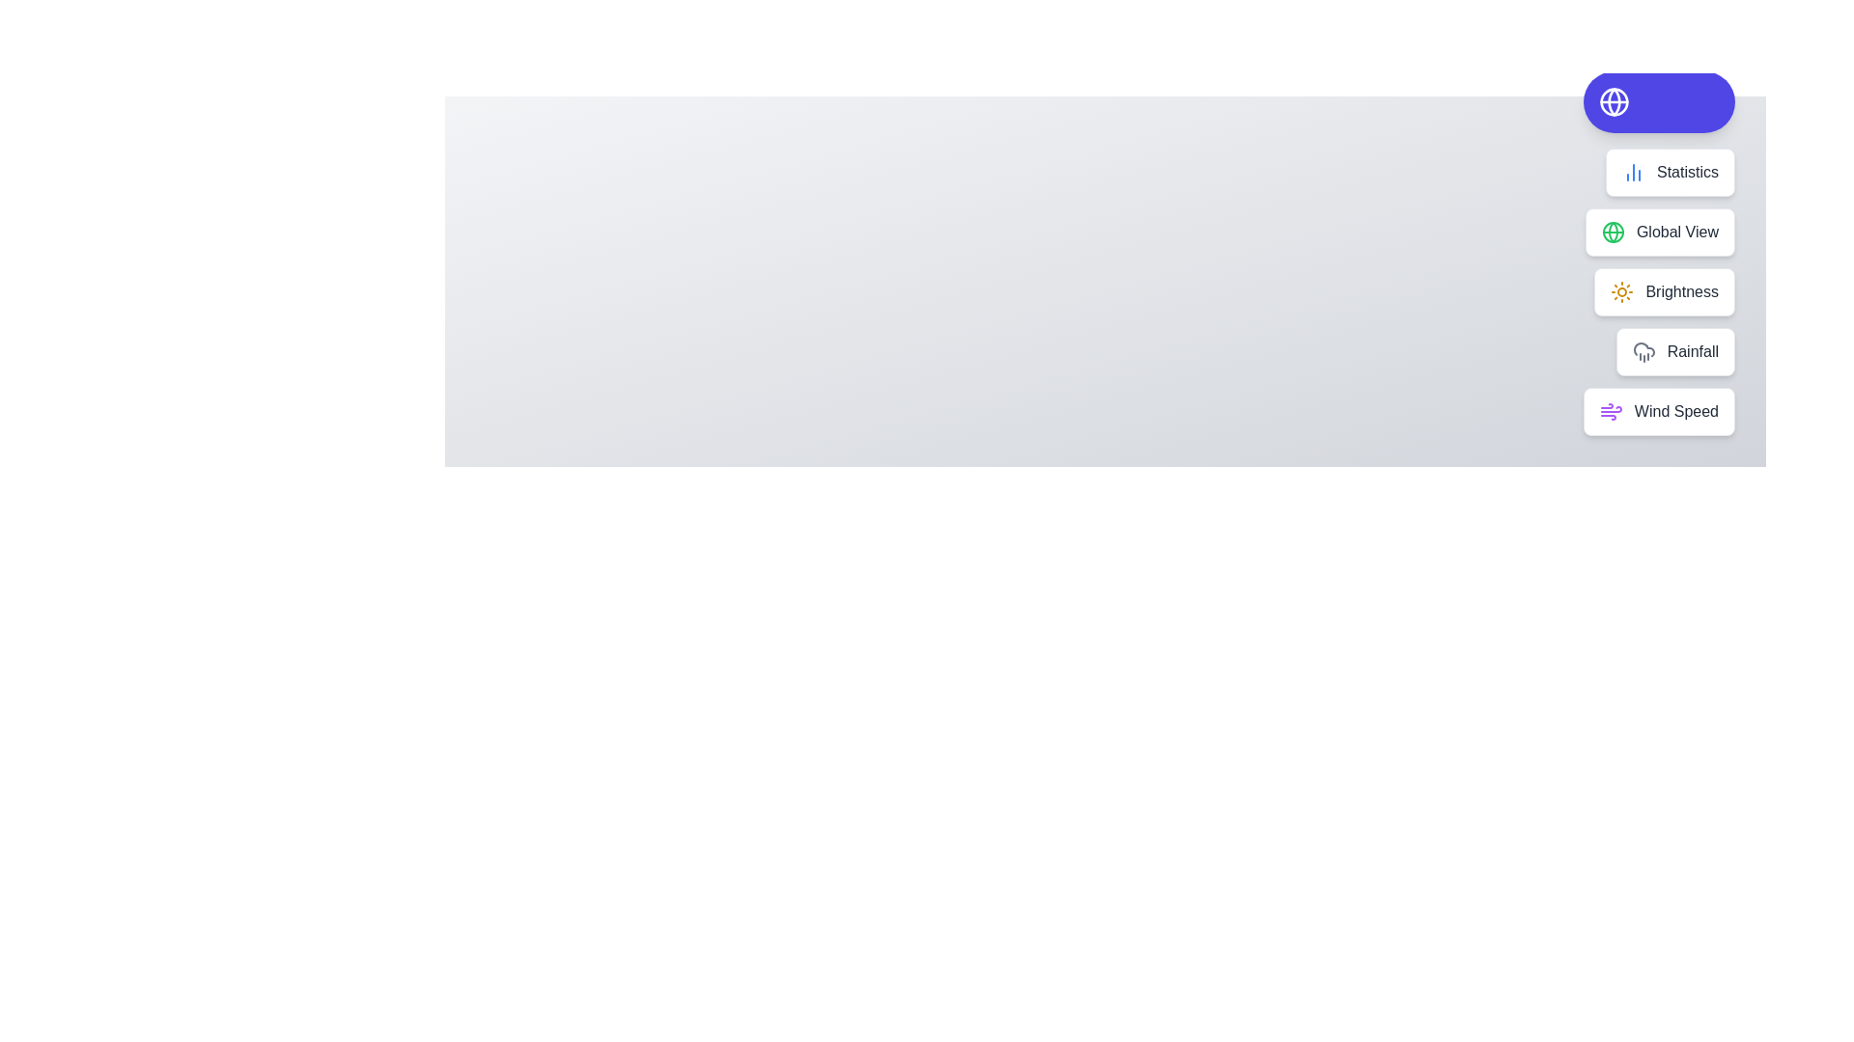  What do you see at coordinates (1674, 352) in the screenshot?
I see `the speed dial item corresponding to Rainfall` at bounding box center [1674, 352].